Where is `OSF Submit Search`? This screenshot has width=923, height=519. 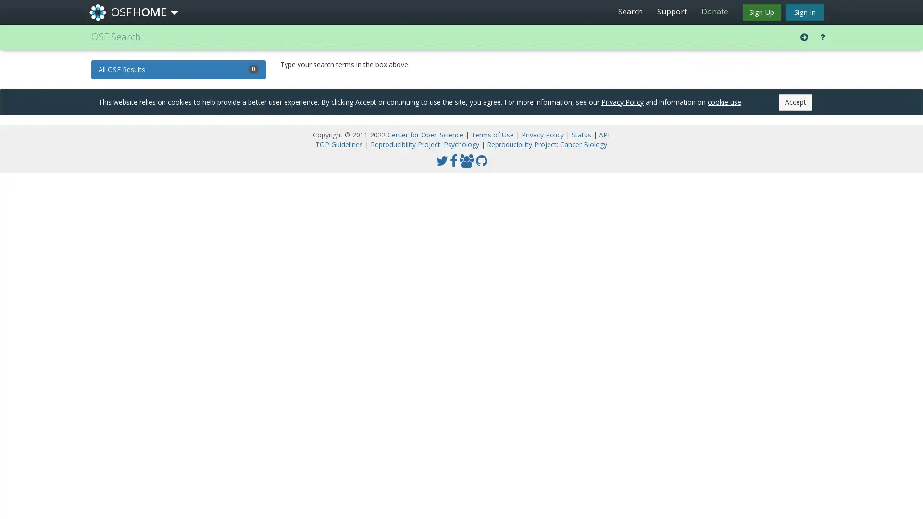
OSF Submit Search is located at coordinates (804, 37).